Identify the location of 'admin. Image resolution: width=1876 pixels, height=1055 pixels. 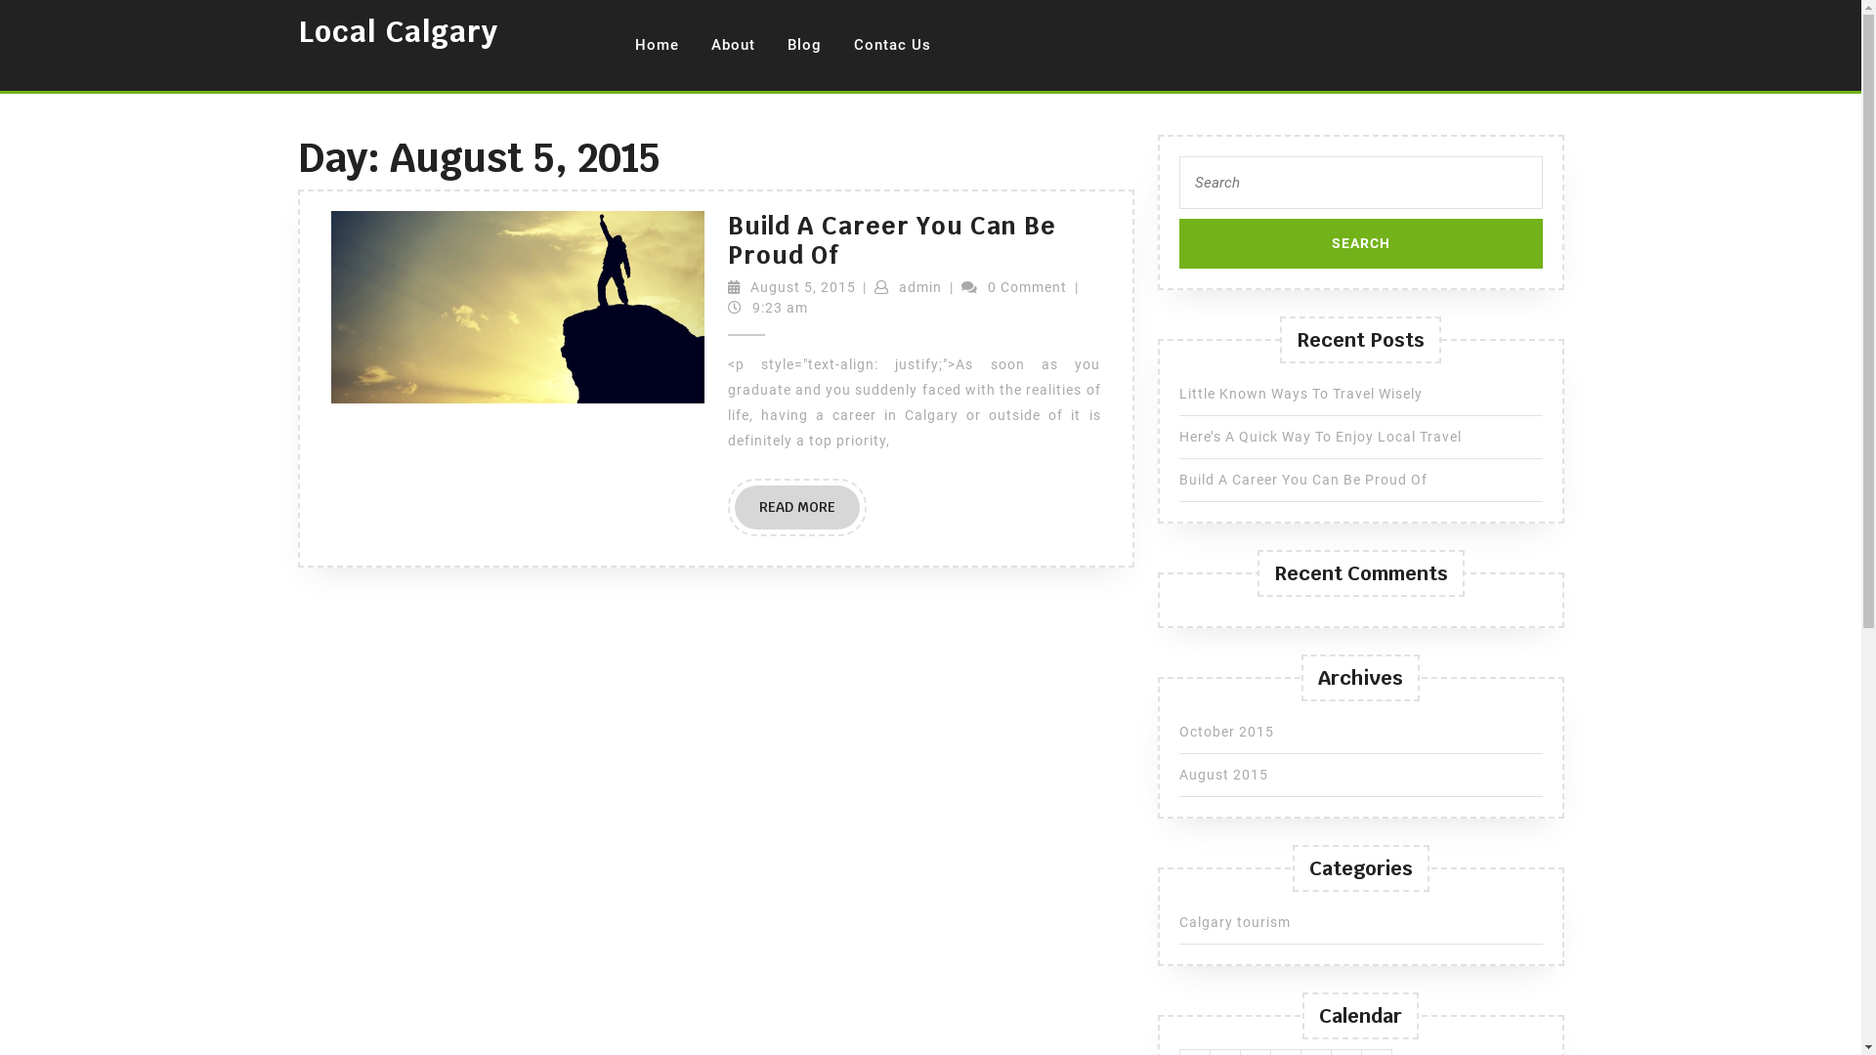
(918, 286).